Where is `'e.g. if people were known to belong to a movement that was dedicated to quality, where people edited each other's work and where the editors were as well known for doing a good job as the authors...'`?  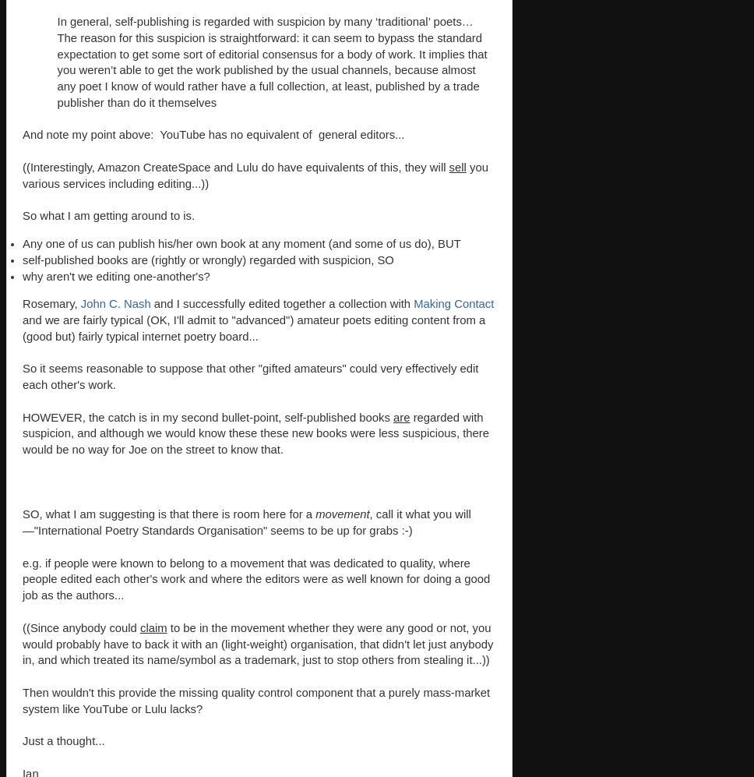
'e.g. if people were known to belong to a movement that was dedicated to quality, where people edited each other's work and where the editors were as well known for doing a good job as the authors...' is located at coordinates (256, 578).